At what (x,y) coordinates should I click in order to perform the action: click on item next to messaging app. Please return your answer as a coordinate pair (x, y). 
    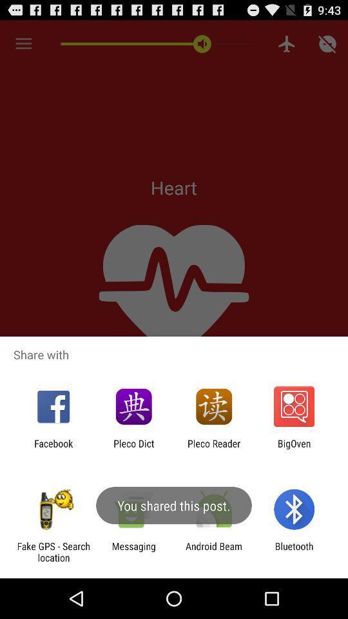
    Looking at the image, I should click on (214, 551).